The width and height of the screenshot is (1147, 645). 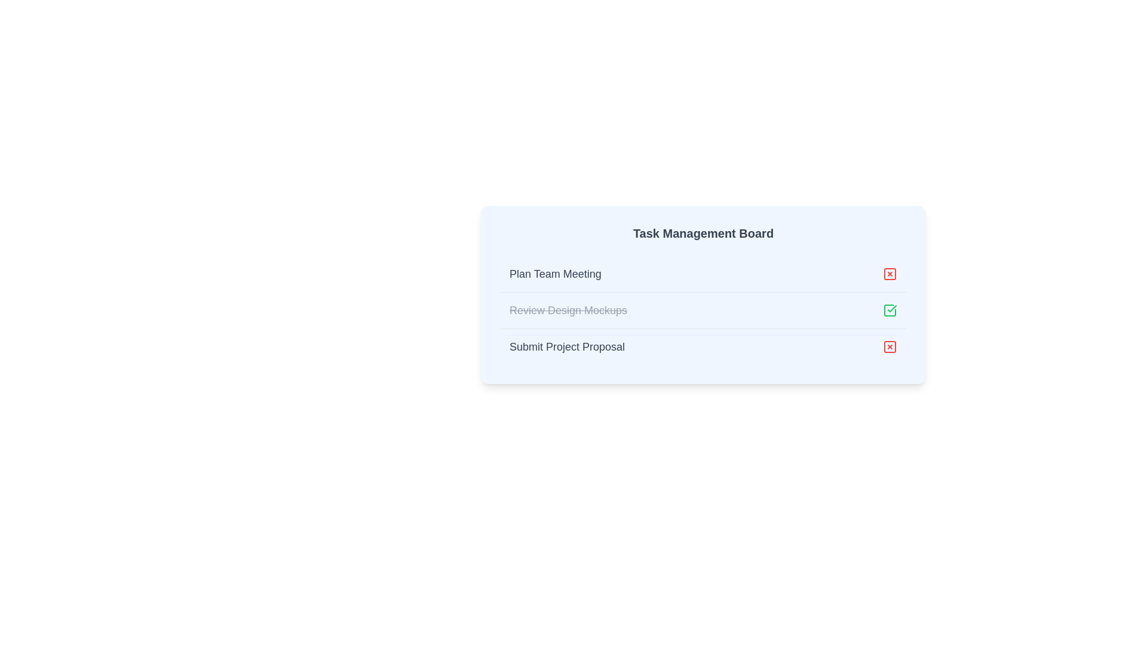 What do you see at coordinates (568, 310) in the screenshot?
I see `the text labeled 'Review Design Mockups' which is the second item in the 'Task Management Board' list, positioned below 'Plan Team Meeting' and above 'Submit Project Proposal.'` at bounding box center [568, 310].